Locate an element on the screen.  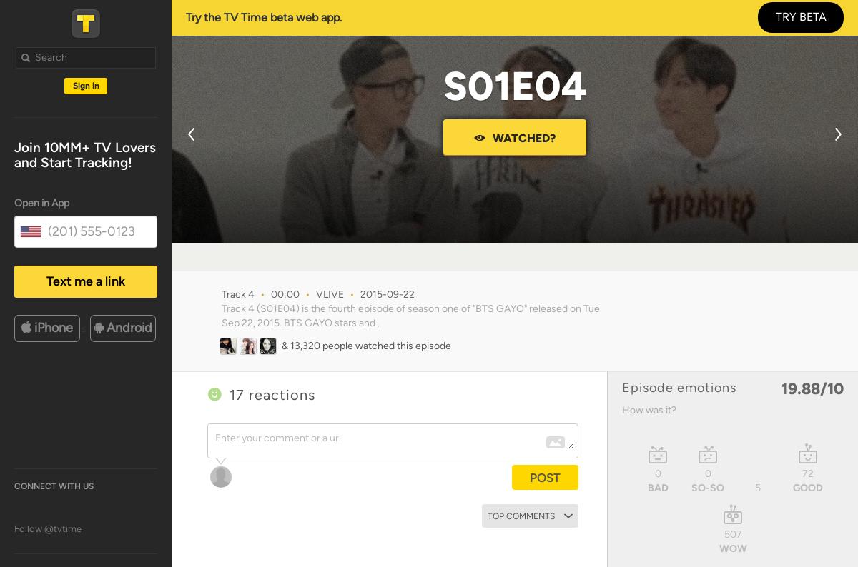
'Connect with us' is located at coordinates (54, 486).